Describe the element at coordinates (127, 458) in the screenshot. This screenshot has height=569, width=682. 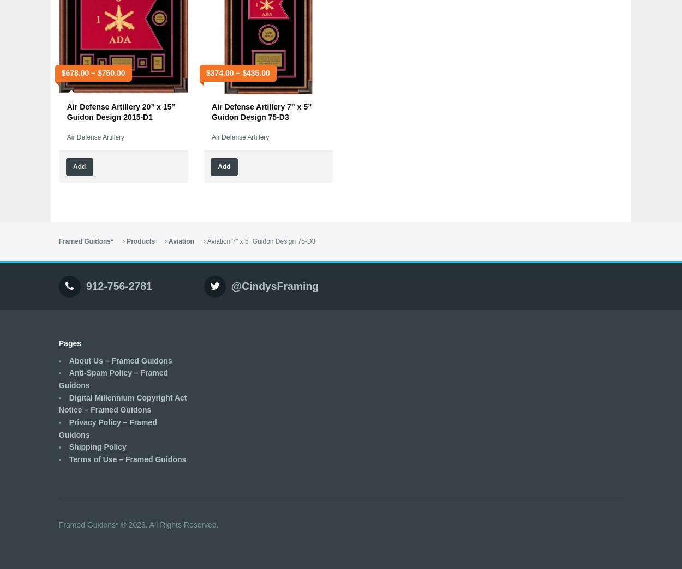
I see `'Terms of Use – Framed Guidons'` at that location.